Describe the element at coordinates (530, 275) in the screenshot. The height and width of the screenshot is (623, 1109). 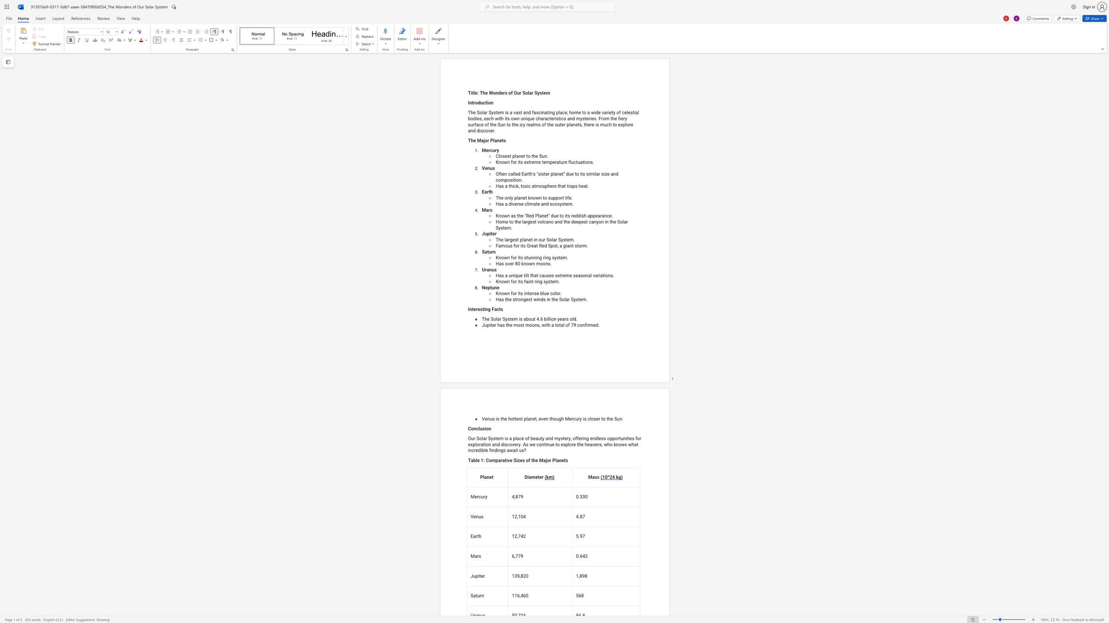
I see `the subset text "that causes extreme seaso" within the text "Has a unique tilt that causes extreme seasonal variations."` at that location.